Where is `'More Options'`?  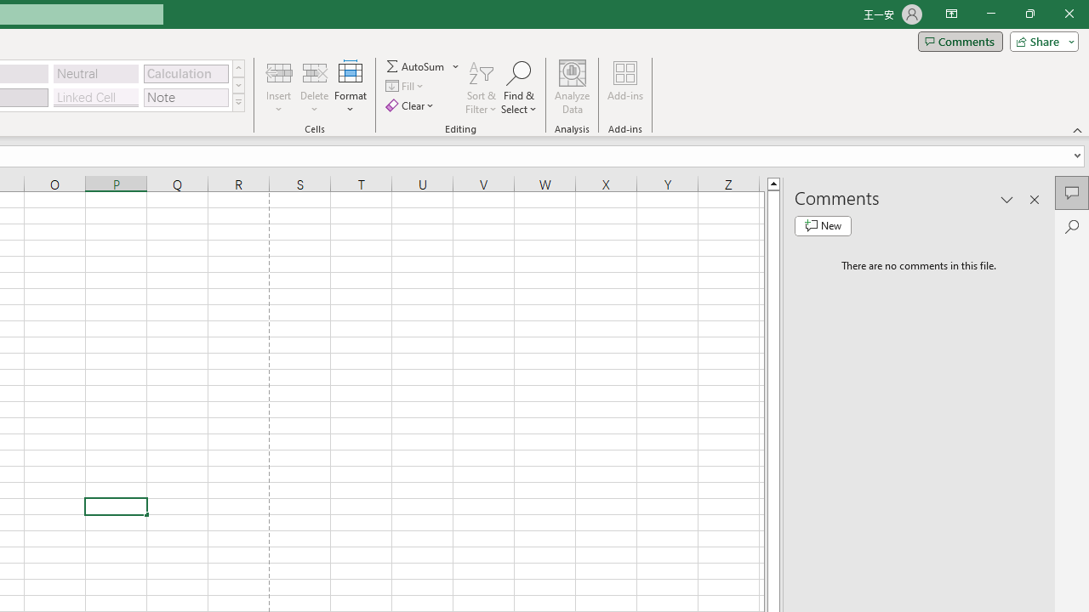
'More Options' is located at coordinates (456, 65).